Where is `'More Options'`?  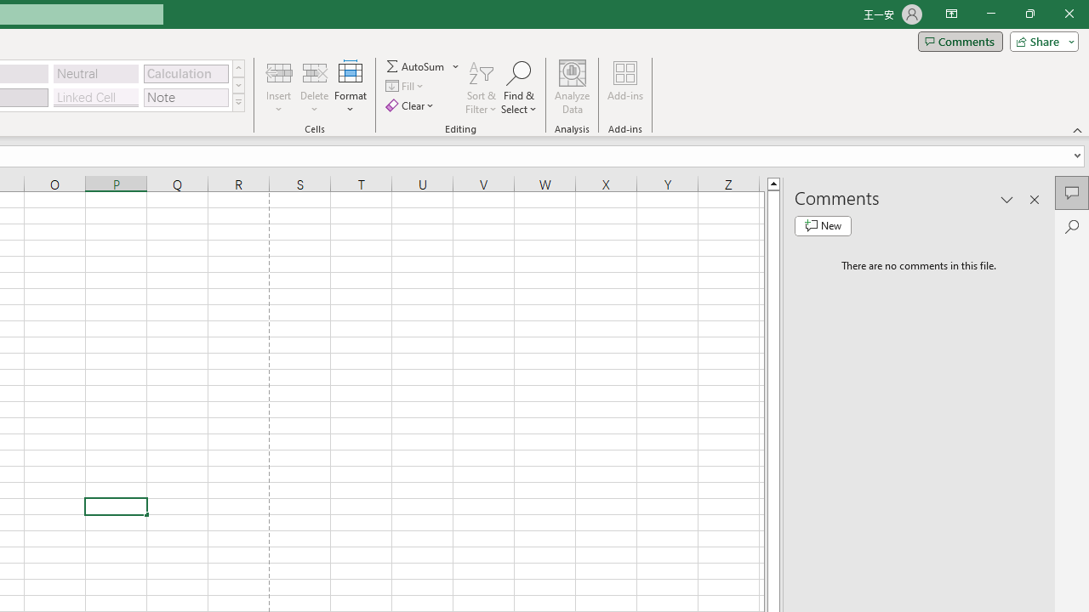
'More Options' is located at coordinates (456, 65).